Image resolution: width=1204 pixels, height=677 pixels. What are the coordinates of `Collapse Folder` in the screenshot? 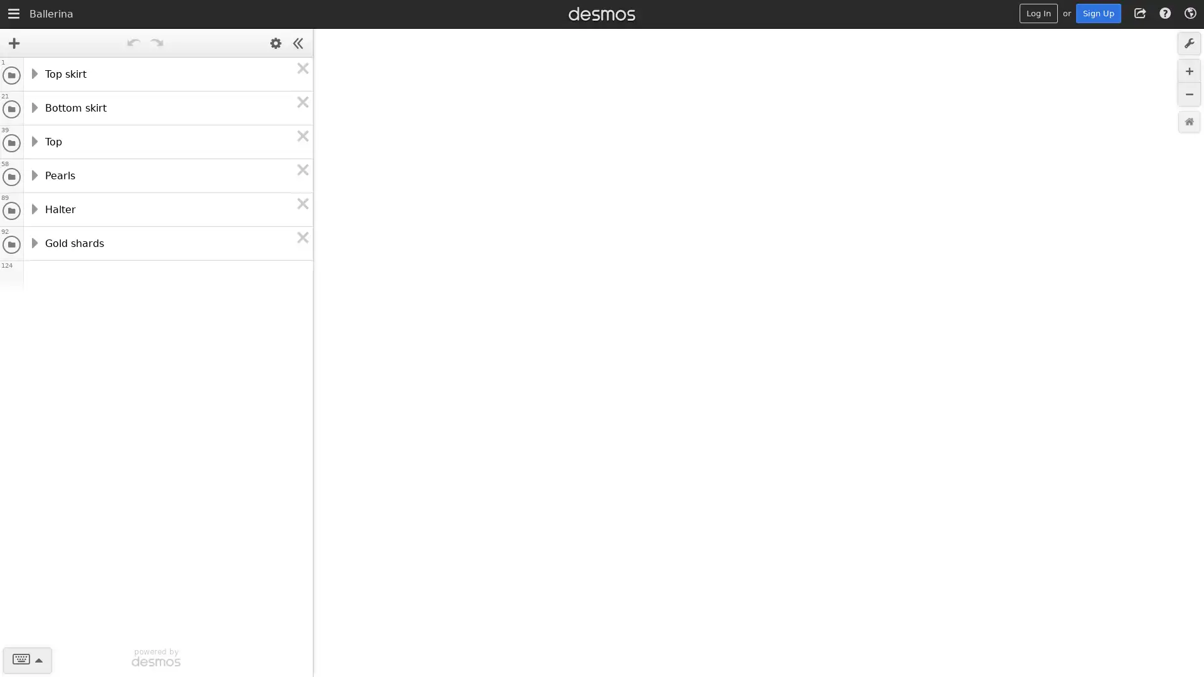 It's located at (33, 241).